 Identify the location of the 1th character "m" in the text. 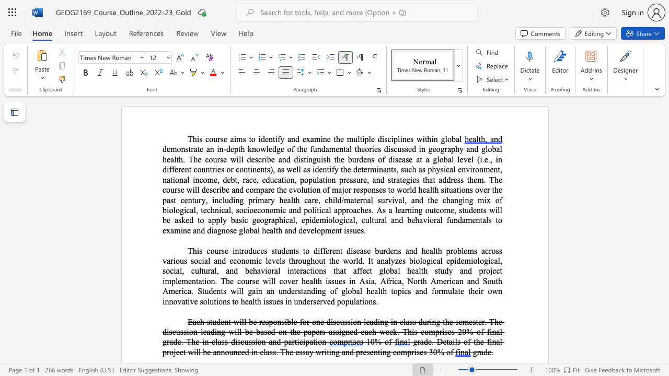
(480, 179).